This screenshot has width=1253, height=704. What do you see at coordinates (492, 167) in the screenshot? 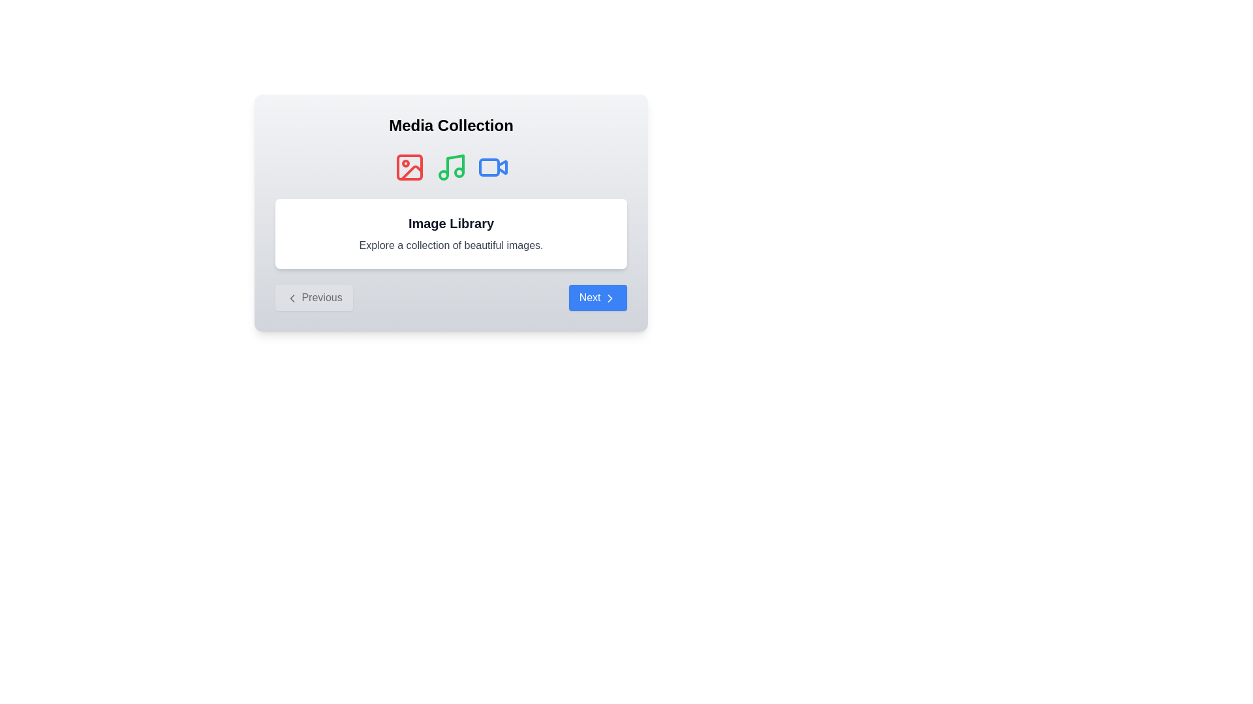
I see `the button corresponding to the video media type to observe the hover effect` at bounding box center [492, 167].